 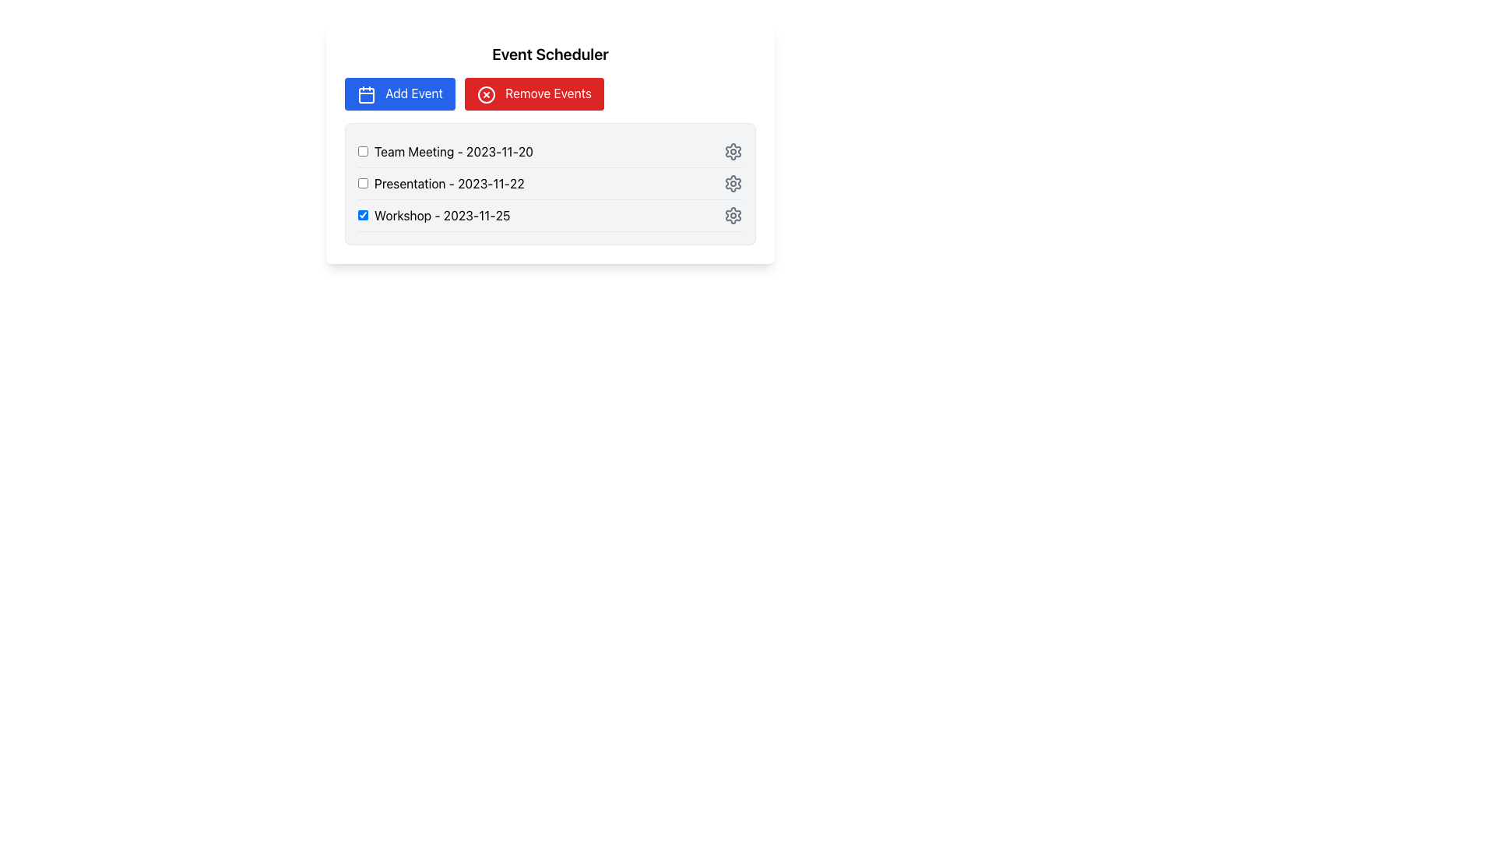 I want to click on the checkbox associated with the event 'Presentation - 2023-11-22', which is a small square checkbox located at the leftmost side of the row, so click(x=362, y=182).